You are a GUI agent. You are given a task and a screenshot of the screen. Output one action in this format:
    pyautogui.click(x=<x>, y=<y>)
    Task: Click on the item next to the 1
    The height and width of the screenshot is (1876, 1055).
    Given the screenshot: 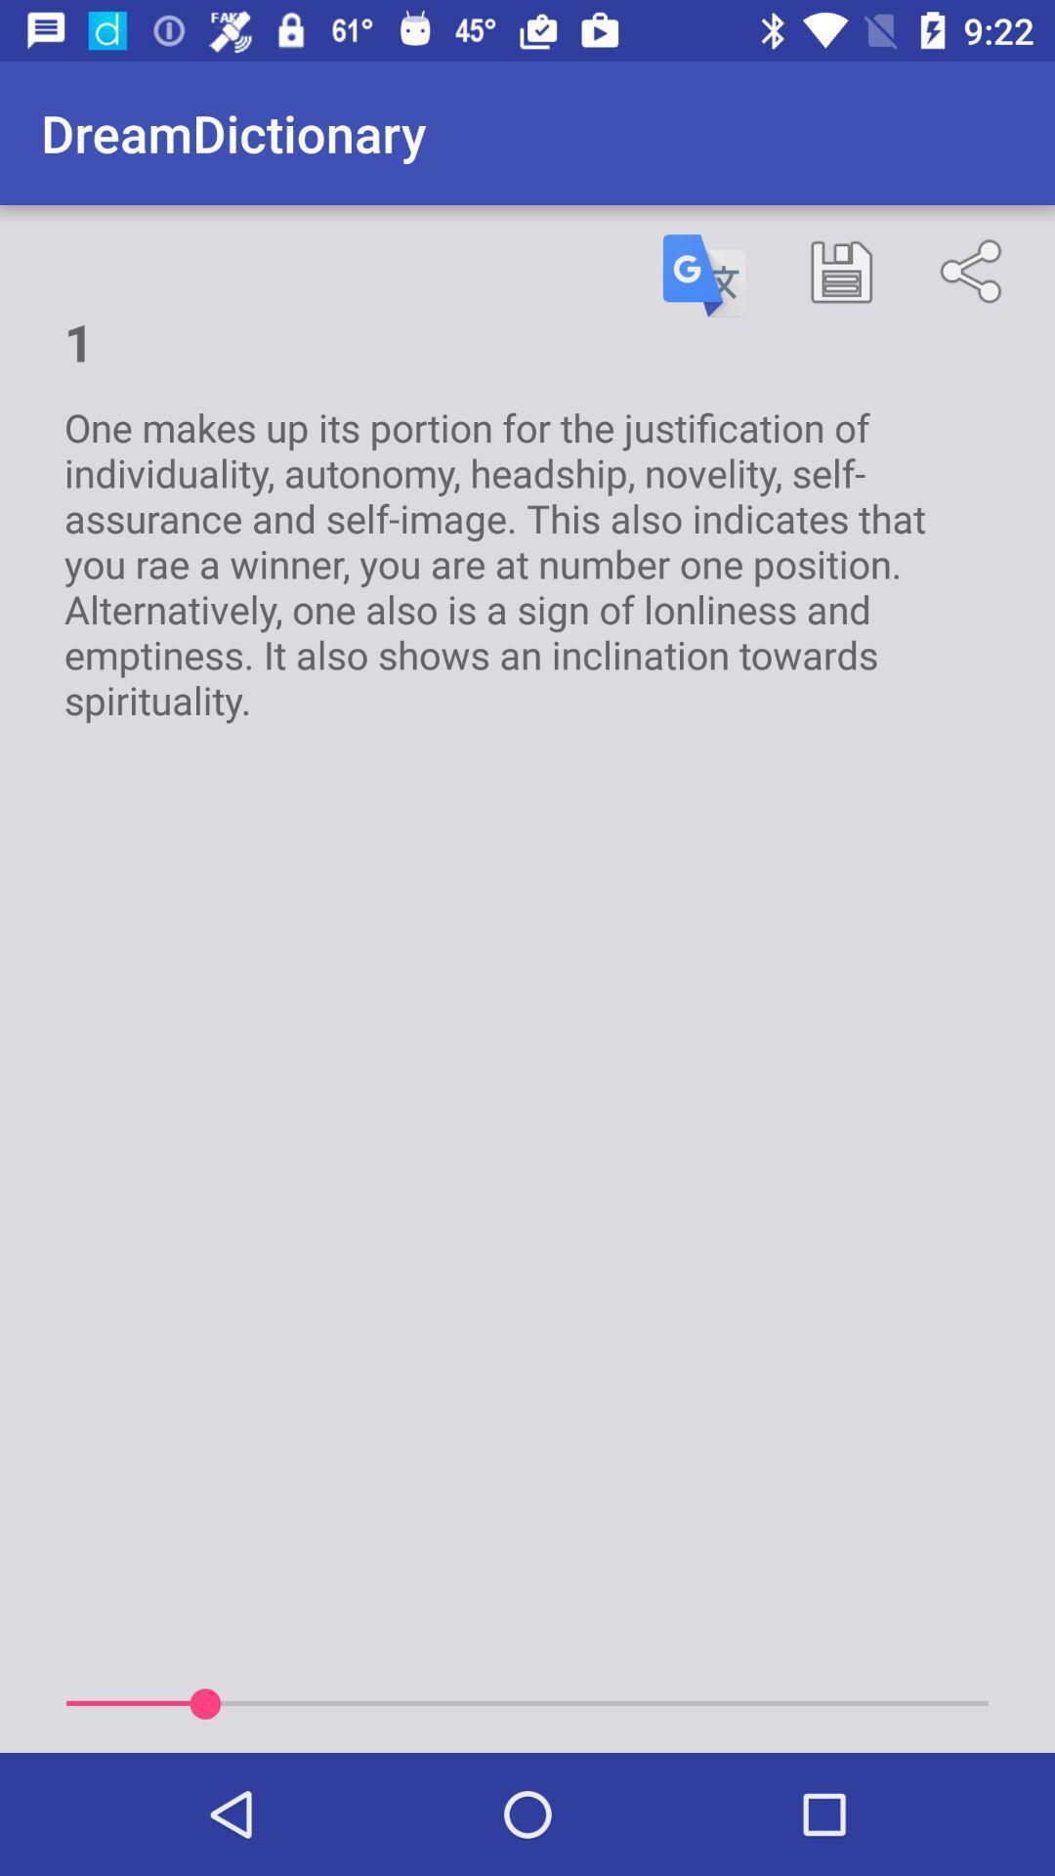 What is the action you would take?
    pyautogui.click(x=704, y=275)
    